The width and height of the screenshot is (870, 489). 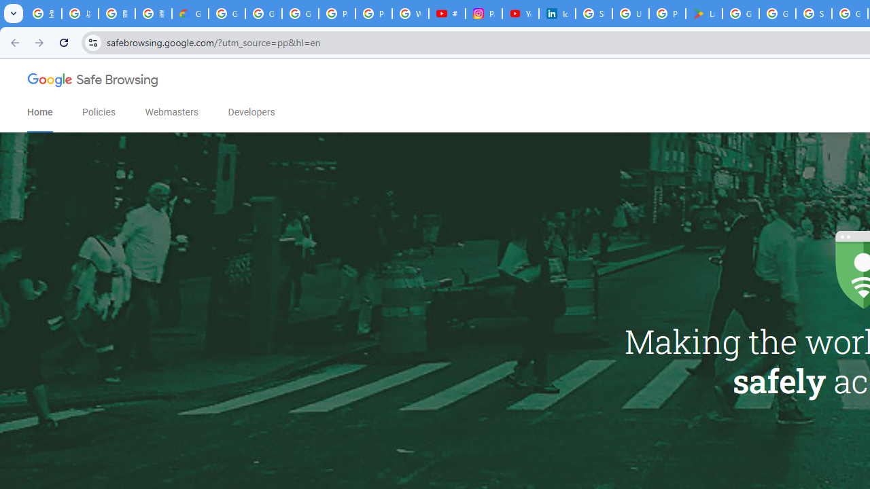 What do you see at coordinates (251, 111) in the screenshot?
I see `'Developers'` at bounding box center [251, 111].